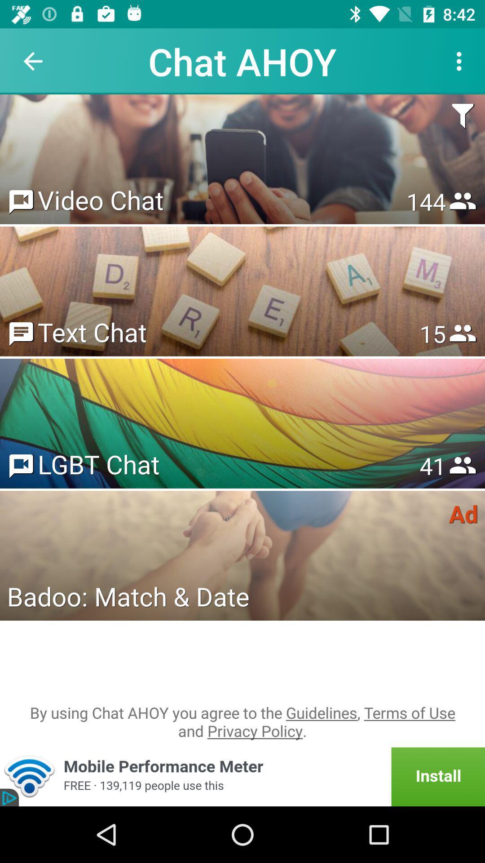 The image size is (485, 863). Describe the element at coordinates (32, 61) in the screenshot. I see `the item to the left of the chat ahoy` at that location.